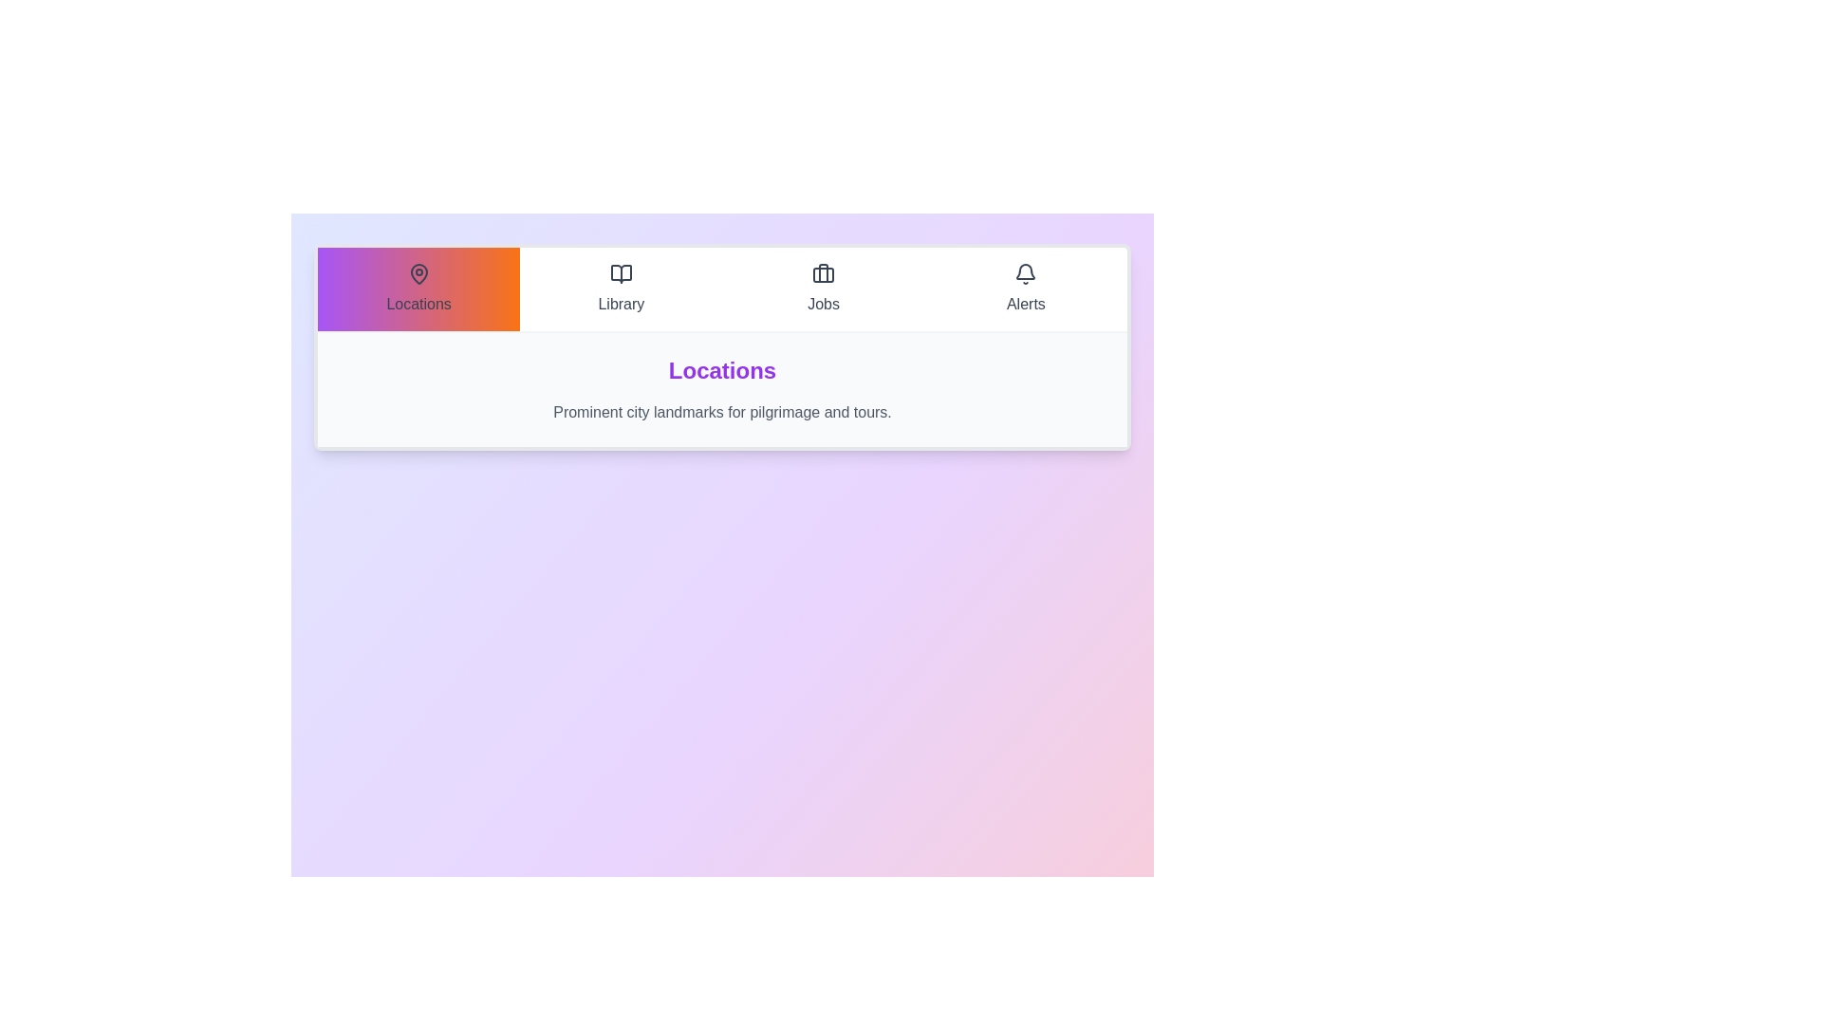 The width and height of the screenshot is (1822, 1025). What do you see at coordinates (1025, 289) in the screenshot?
I see `the Alerts tab` at bounding box center [1025, 289].